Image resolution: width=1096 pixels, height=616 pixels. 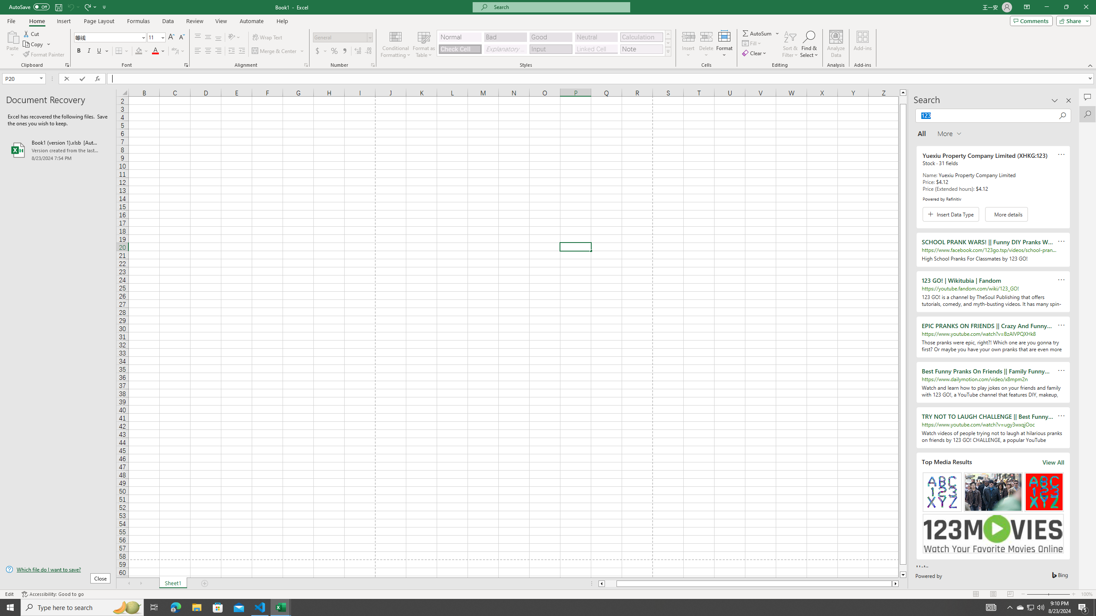 I want to click on 'Align Right', so click(x=218, y=50).